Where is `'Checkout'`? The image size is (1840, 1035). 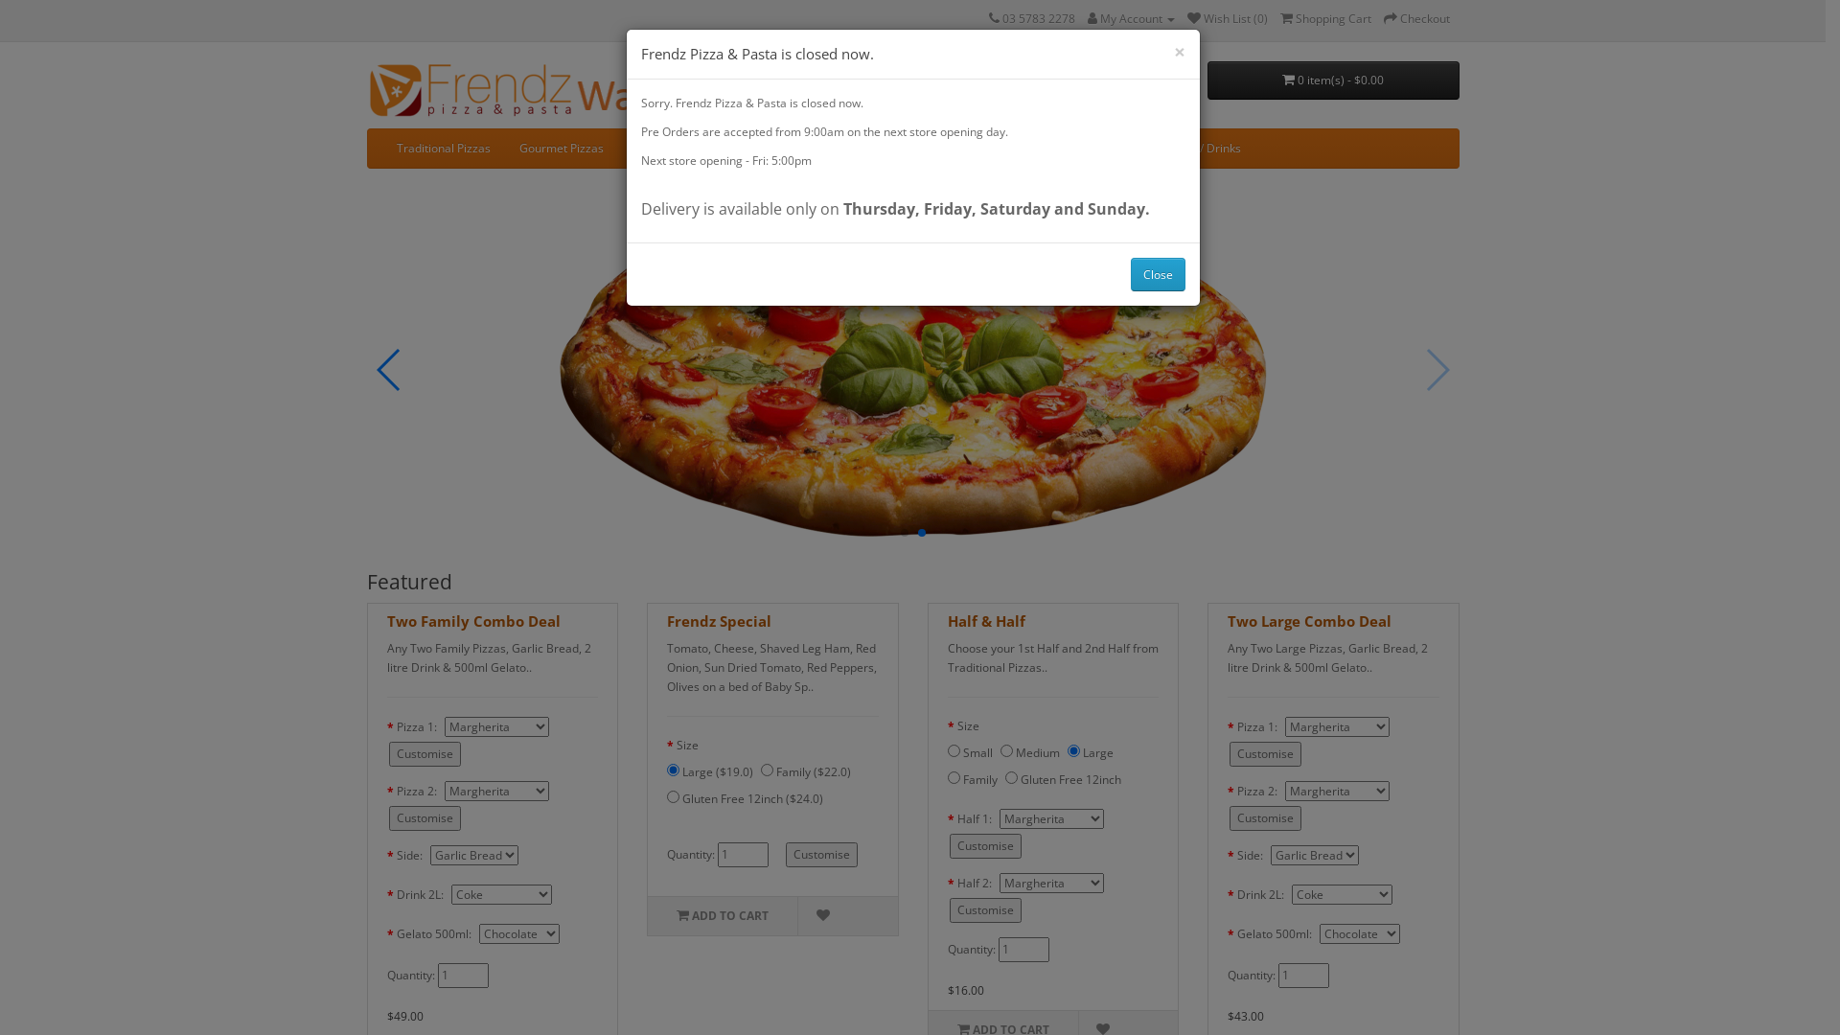
'Checkout' is located at coordinates (1416, 18).